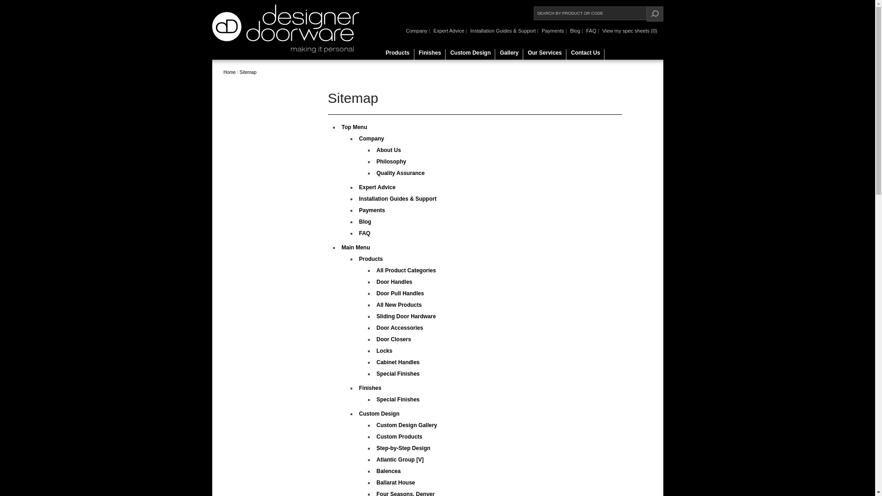 The height and width of the screenshot is (496, 882). What do you see at coordinates (406, 316) in the screenshot?
I see `'Sliding Door Hardware'` at bounding box center [406, 316].